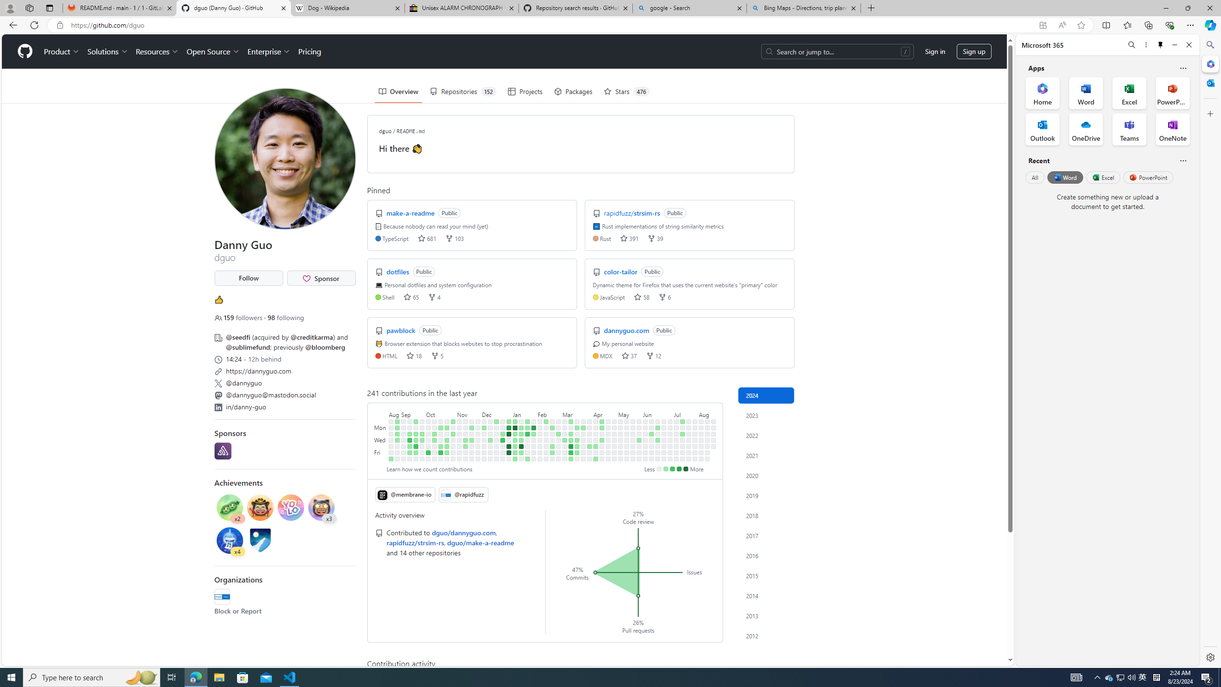 Image resolution: width=1221 pixels, height=687 pixels. I want to click on 'No contributions on May 12th.', so click(626, 421).